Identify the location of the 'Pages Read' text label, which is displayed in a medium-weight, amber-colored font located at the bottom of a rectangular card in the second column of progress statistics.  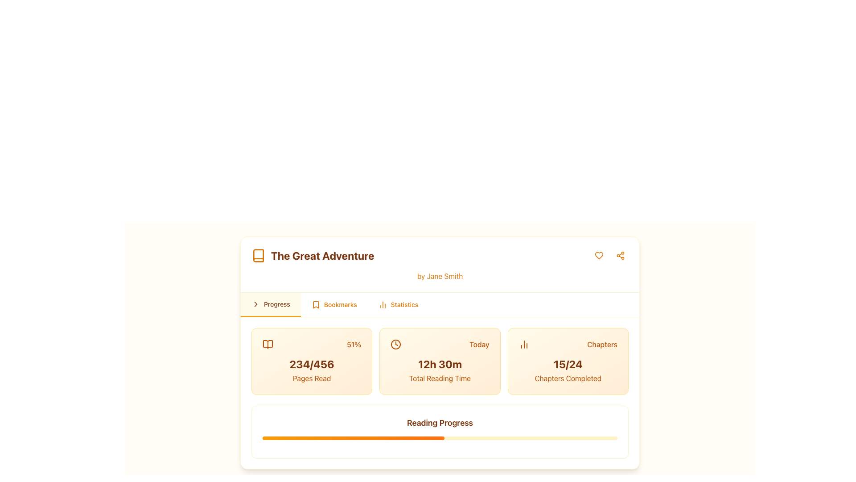
(312, 378).